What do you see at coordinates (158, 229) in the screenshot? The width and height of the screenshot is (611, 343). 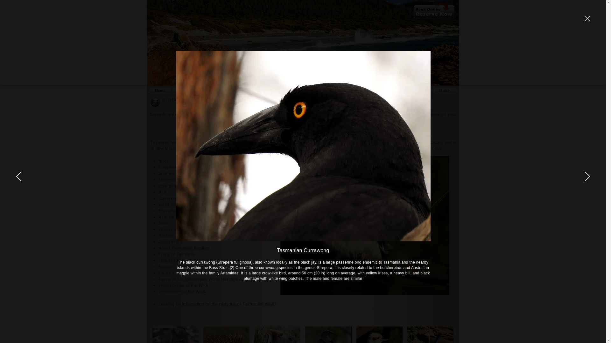 I see `'Whales and Dolphins'` at bounding box center [158, 229].